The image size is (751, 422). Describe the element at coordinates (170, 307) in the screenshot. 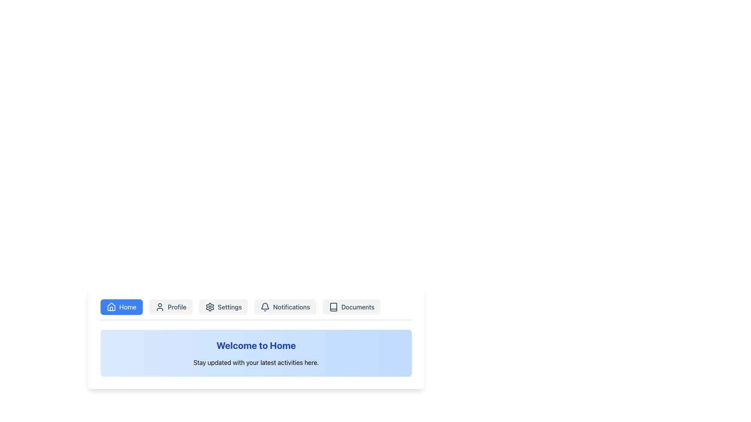

I see `the 'Profile' button, which is a rounded rectangular button with a user profile icon, located in the second position of the navigation menu` at that location.